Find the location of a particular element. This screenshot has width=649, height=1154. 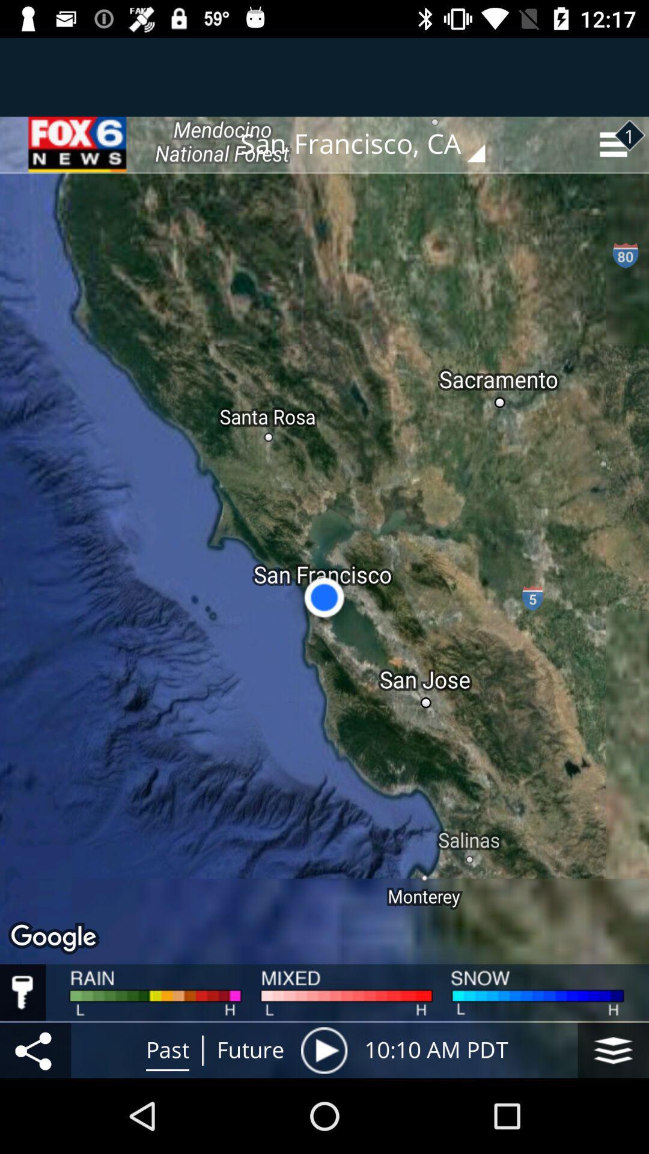

the date_range icon is located at coordinates (79, 144).